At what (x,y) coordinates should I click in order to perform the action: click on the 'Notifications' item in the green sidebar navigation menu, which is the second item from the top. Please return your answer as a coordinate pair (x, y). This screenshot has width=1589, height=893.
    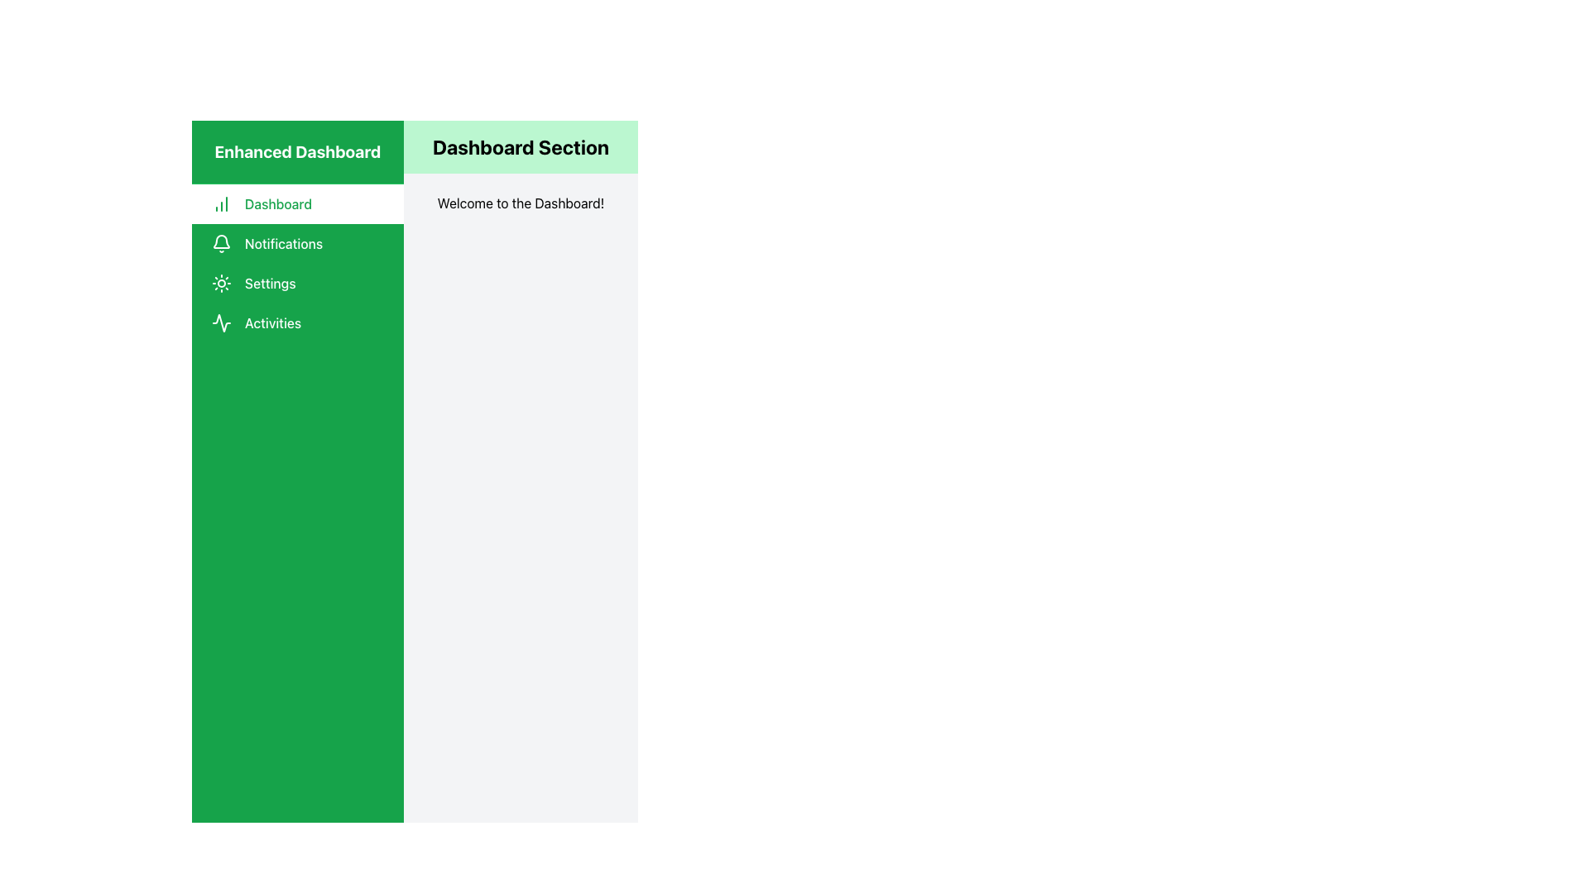
    Looking at the image, I should click on (298, 263).